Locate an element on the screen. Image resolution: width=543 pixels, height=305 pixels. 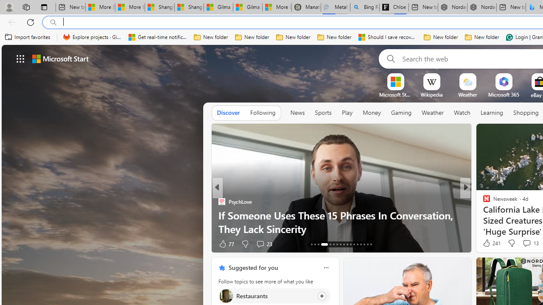
'AutomationID: tab-14' is located at coordinates (315, 244).